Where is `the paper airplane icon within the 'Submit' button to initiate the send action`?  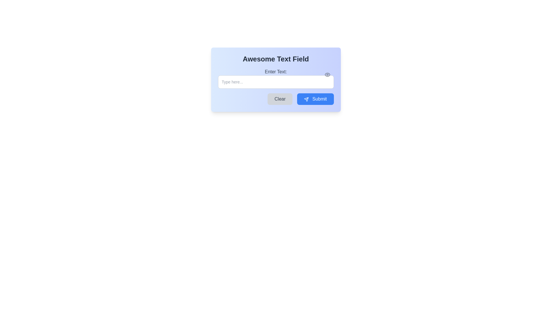
the paper airplane icon within the 'Submit' button to initiate the send action is located at coordinates (306, 99).